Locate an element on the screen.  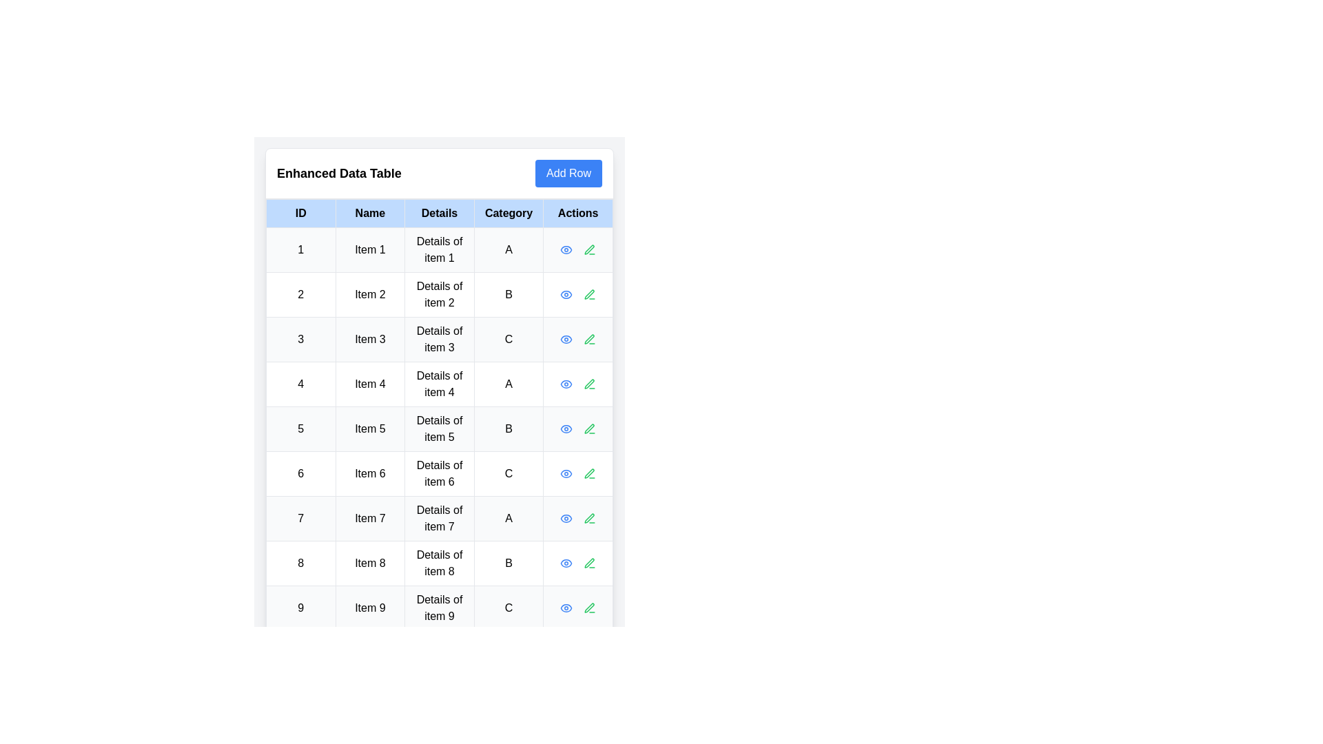
the text display field located in the third row under the 'Details' column of a table, positioned between the cells containing 'Item 3' and 'C' is located at coordinates (439, 340).